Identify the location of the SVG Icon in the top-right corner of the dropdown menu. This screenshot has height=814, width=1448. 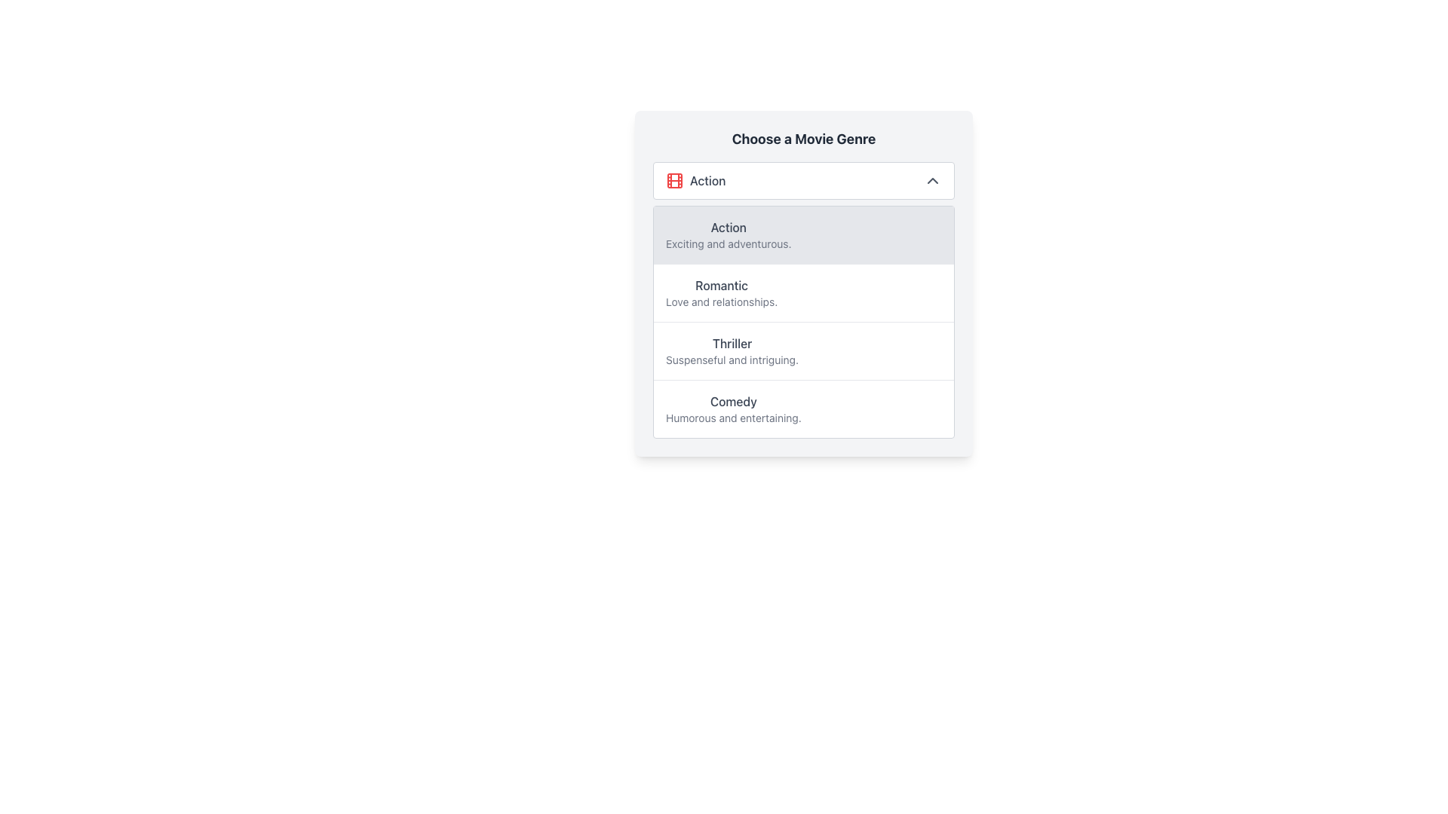
(932, 179).